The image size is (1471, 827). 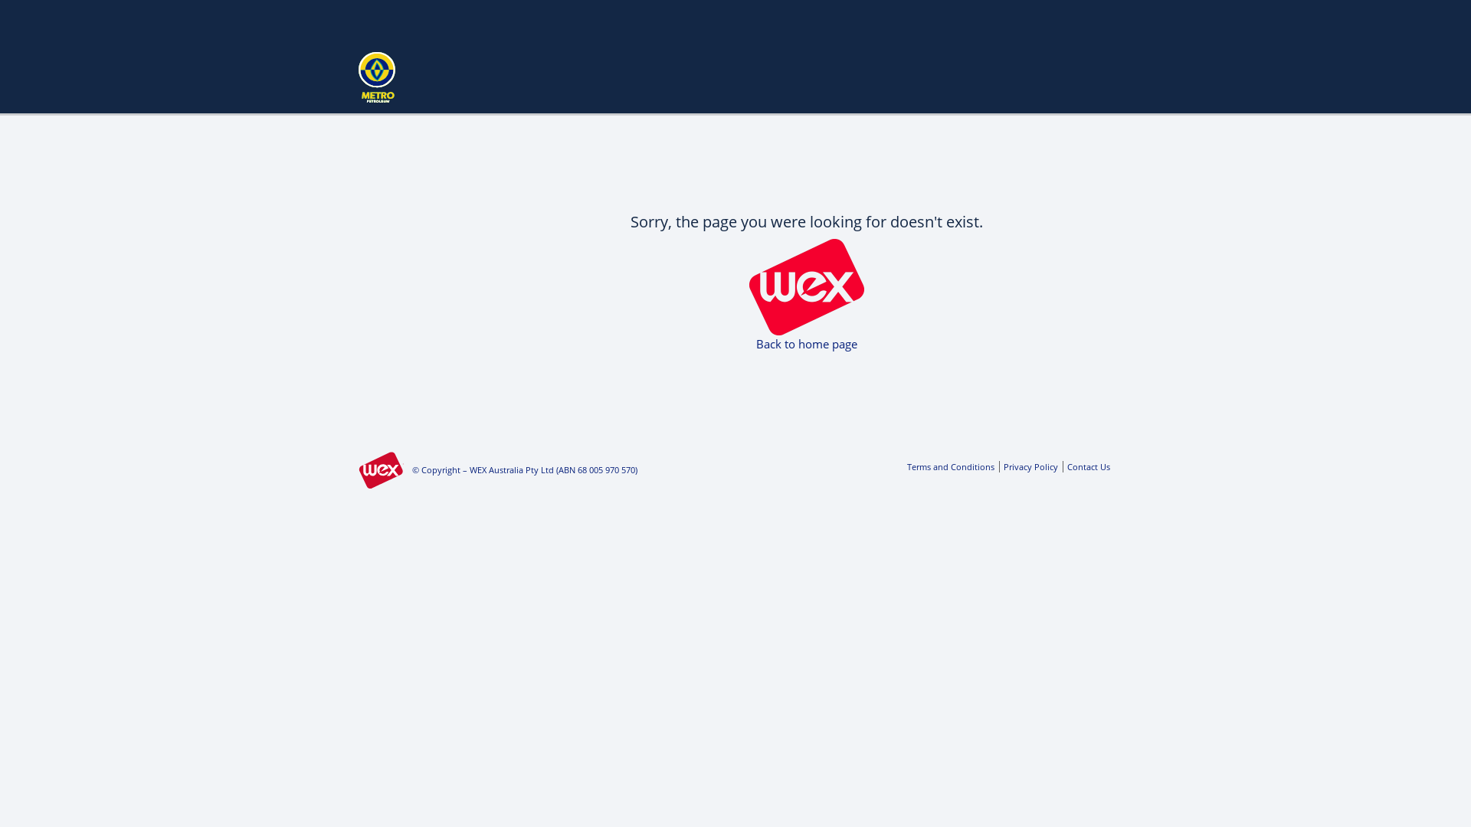 I want to click on 'Contact Us', so click(x=1085, y=466).